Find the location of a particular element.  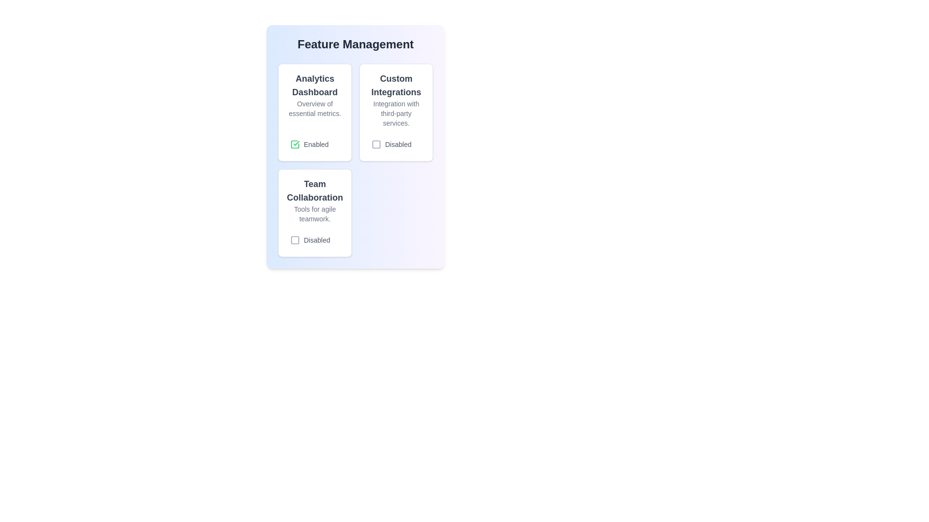

the disabled checkbox for 'Custom Integrations' located to the left of the text 'Disabled' in the feature management panel is located at coordinates (375, 145).